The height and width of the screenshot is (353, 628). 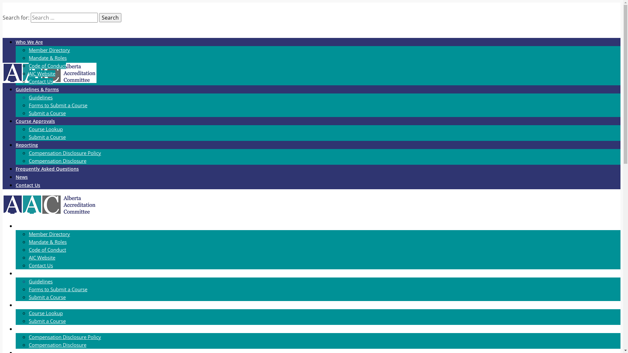 What do you see at coordinates (47, 168) in the screenshot?
I see `'Frequently Asked Questions'` at bounding box center [47, 168].